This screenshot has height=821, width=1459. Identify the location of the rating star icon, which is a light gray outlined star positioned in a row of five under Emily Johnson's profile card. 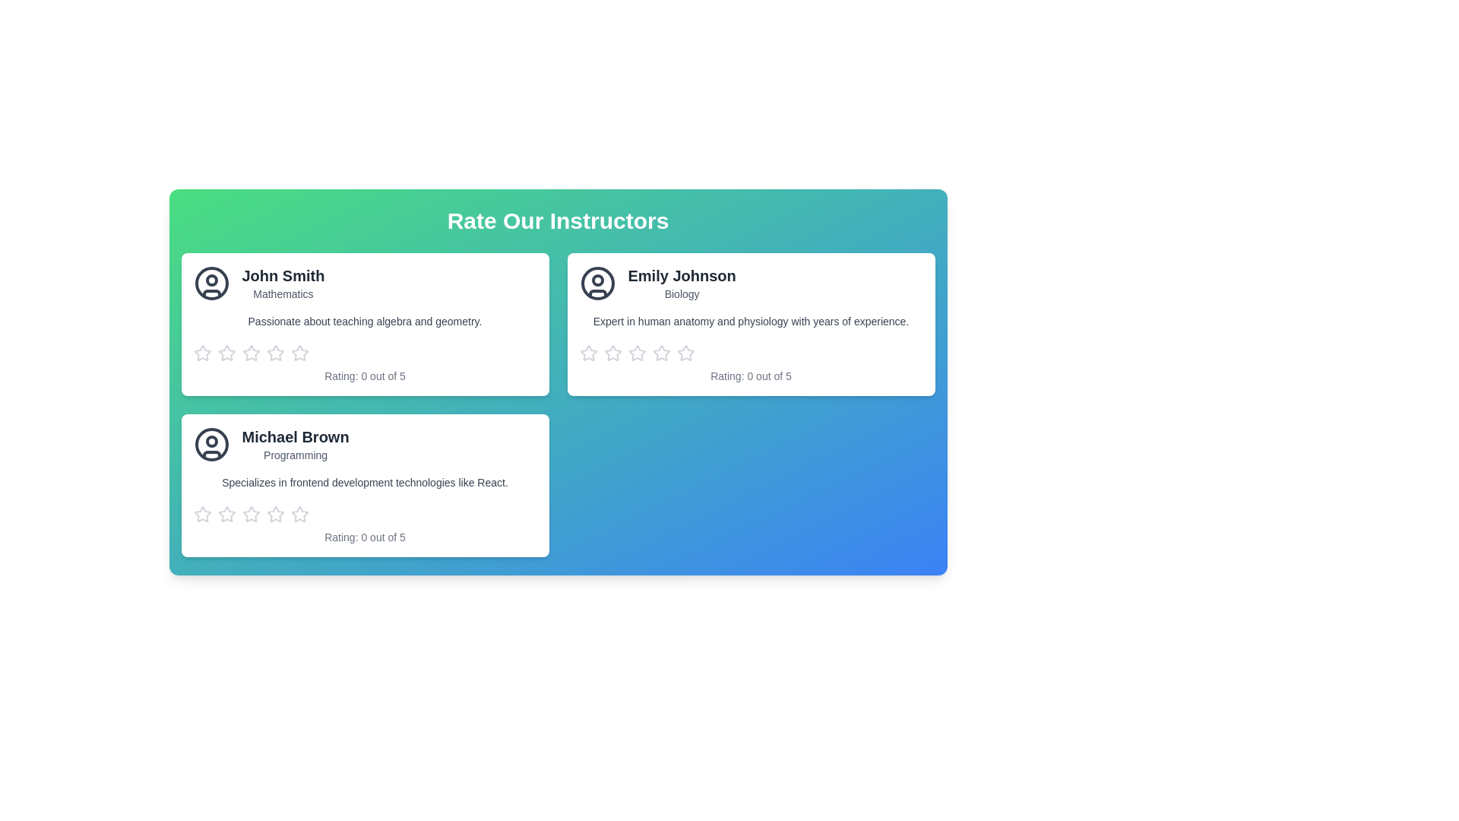
(587, 353).